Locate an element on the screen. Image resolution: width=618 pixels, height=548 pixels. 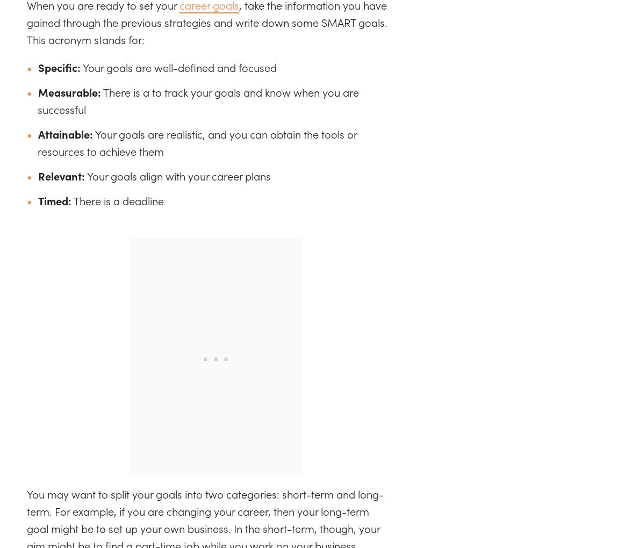
'Specific:' is located at coordinates (59, 66).